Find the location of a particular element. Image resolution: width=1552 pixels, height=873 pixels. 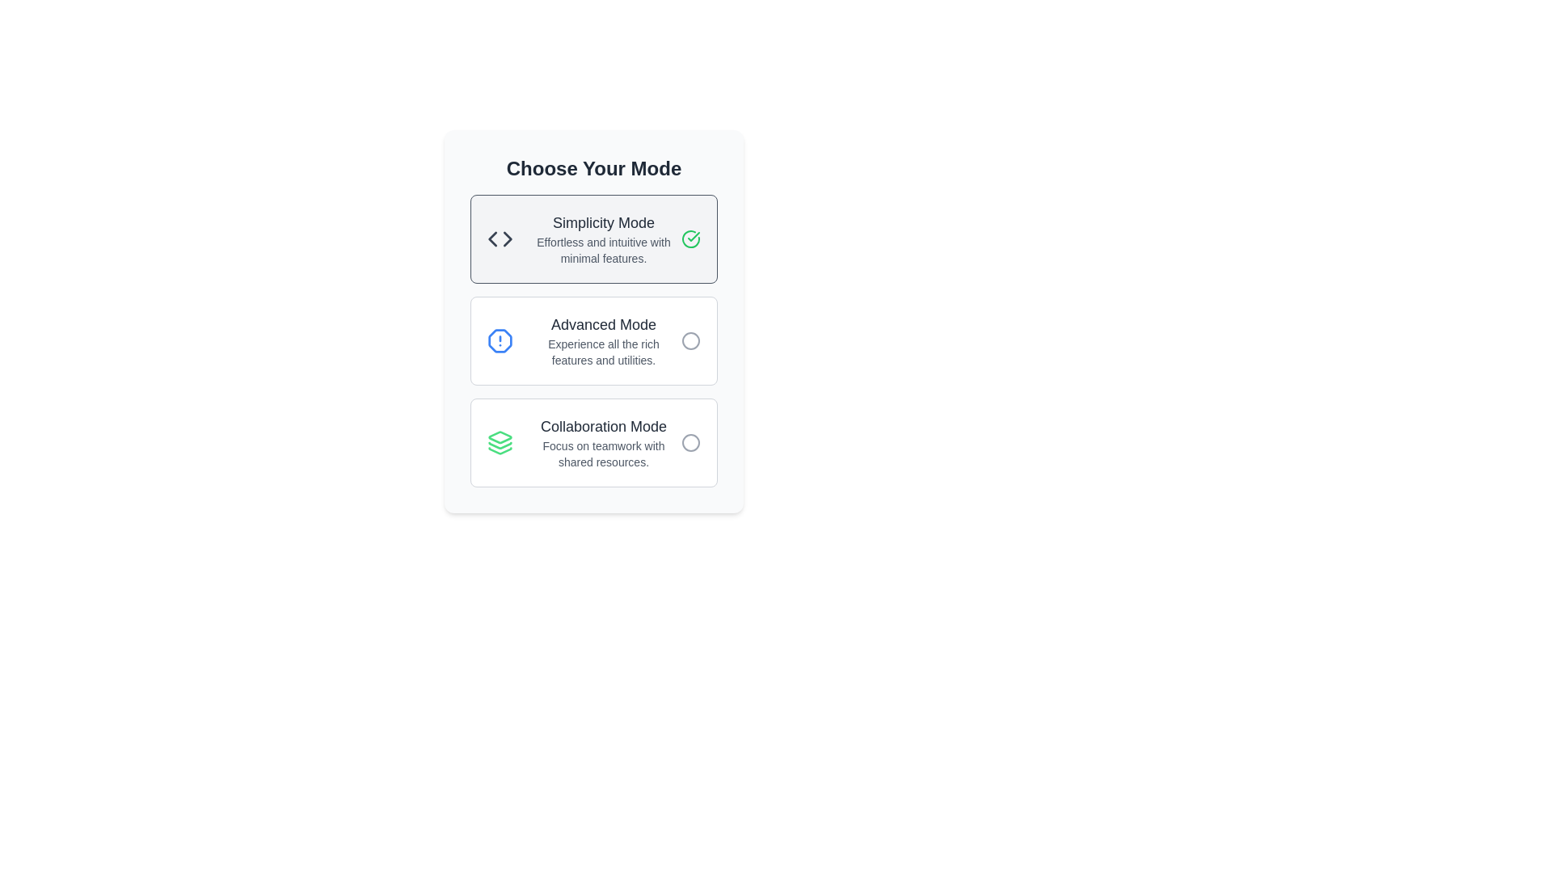

the Icon component (SVG circle) next to the 'Collaboration Mode' label, which serves as a visual cue is located at coordinates (690, 442).